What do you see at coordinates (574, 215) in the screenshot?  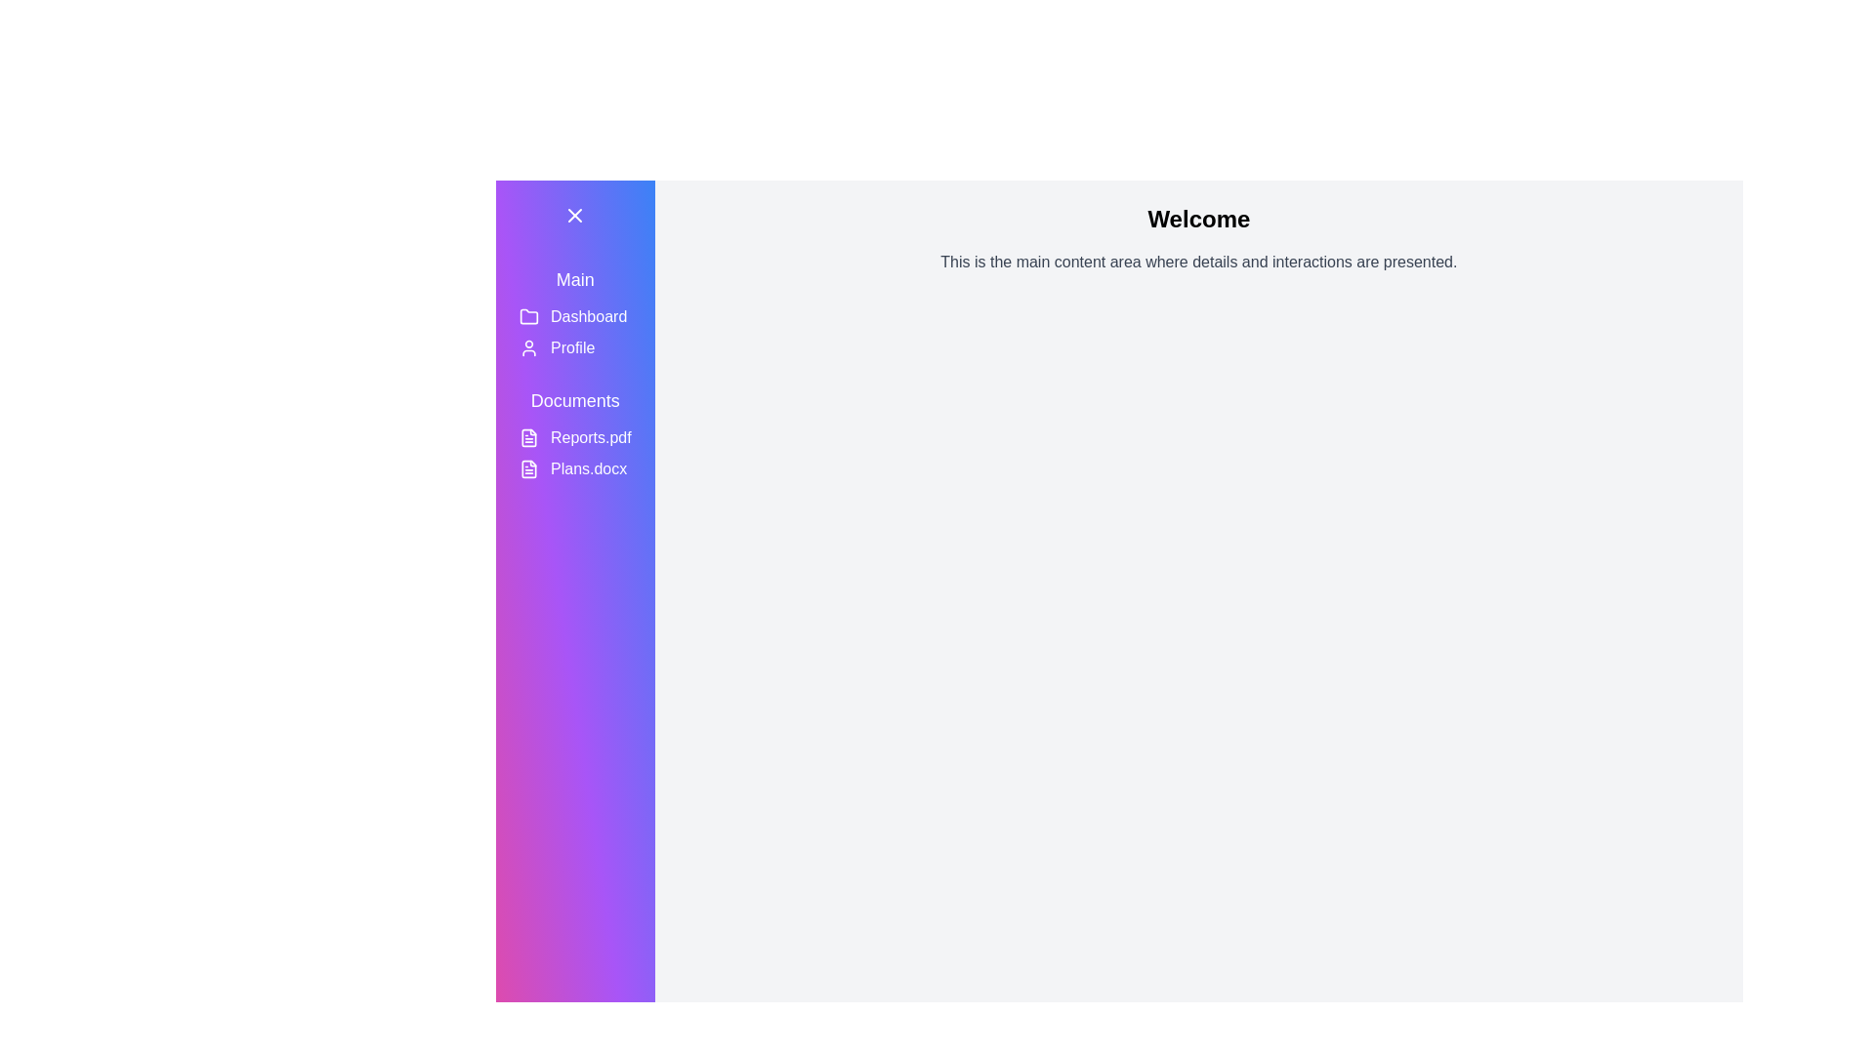 I see `the IconButton featuring a cross icon within a circular background, located at the top-left corner of the sidebar, above the navigation links` at bounding box center [574, 215].